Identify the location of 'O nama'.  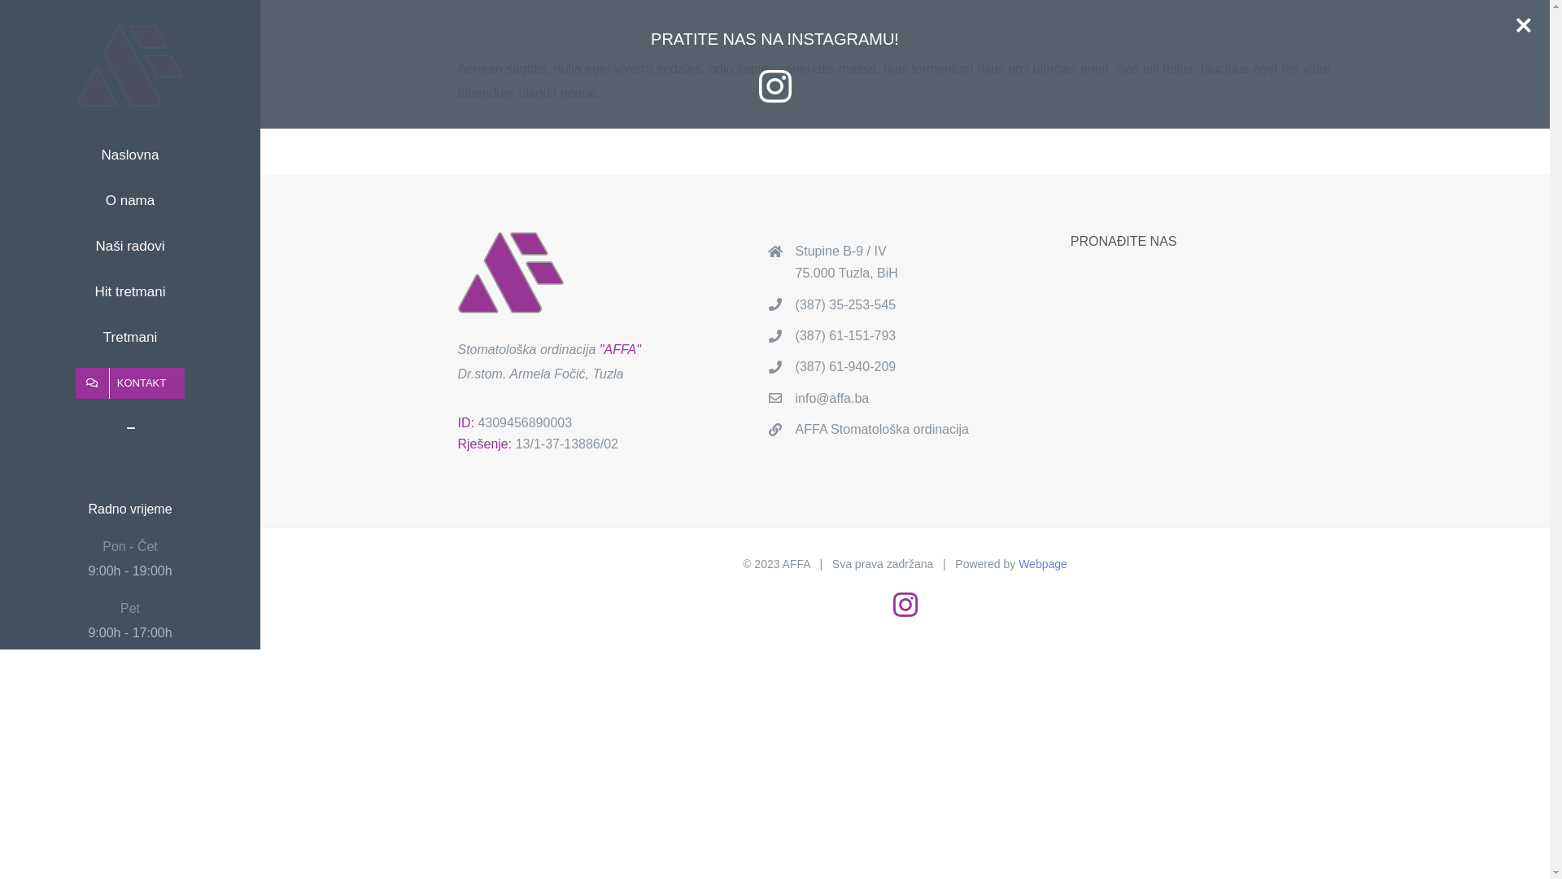
(129, 199).